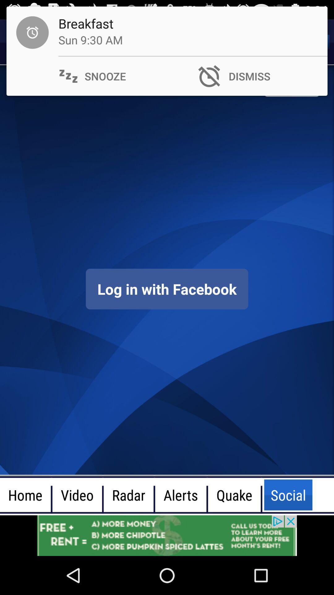 Image resolution: width=334 pixels, height=595 pixels. I want to click on the time icon, so click(22, 42).